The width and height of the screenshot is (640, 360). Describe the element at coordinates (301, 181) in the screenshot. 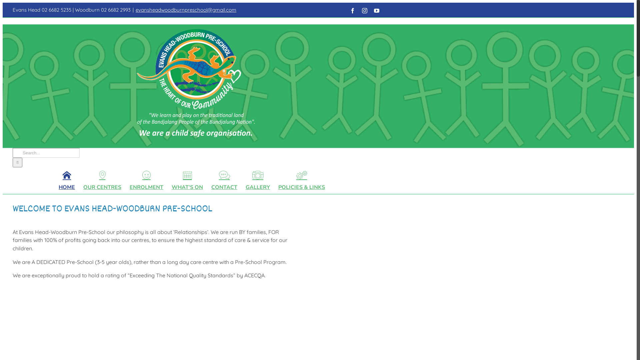

I see `'POLICIES & LINKS'` at that location.